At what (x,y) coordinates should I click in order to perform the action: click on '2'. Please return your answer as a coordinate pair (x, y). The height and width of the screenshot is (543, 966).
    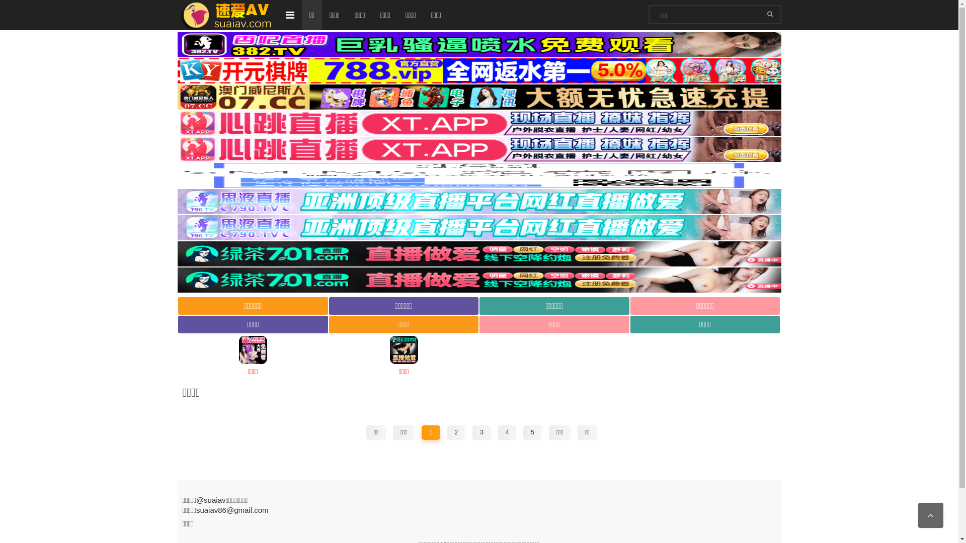
    Looking at the image, I should click on (456, 432).